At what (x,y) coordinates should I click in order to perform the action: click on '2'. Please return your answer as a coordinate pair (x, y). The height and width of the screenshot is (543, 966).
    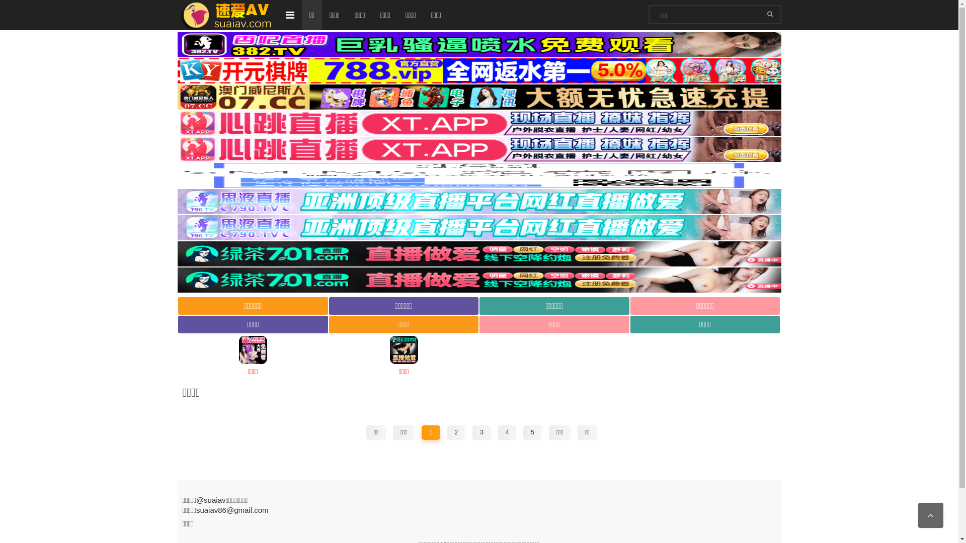
    Looking at the image, I should click on (456, 432).